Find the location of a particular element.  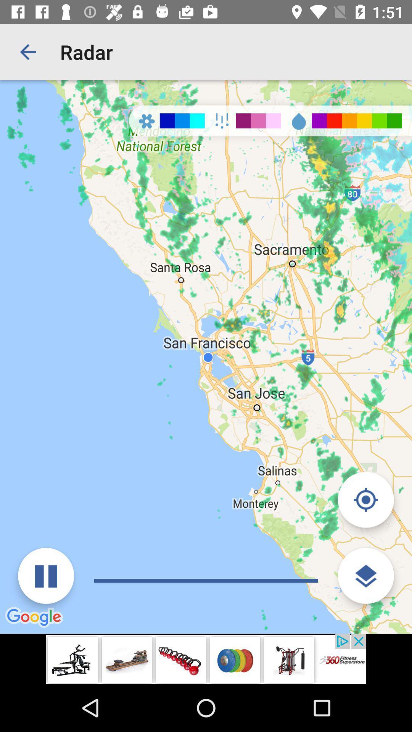

the pause icon is located at coordinates (46, 576).